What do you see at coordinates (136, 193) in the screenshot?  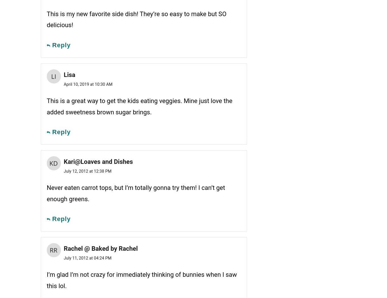 I see `'Never eaten carrot tops, but I’m totally gonna try them!  I can’t get enough greens.'` at bounding box center [136, 193].